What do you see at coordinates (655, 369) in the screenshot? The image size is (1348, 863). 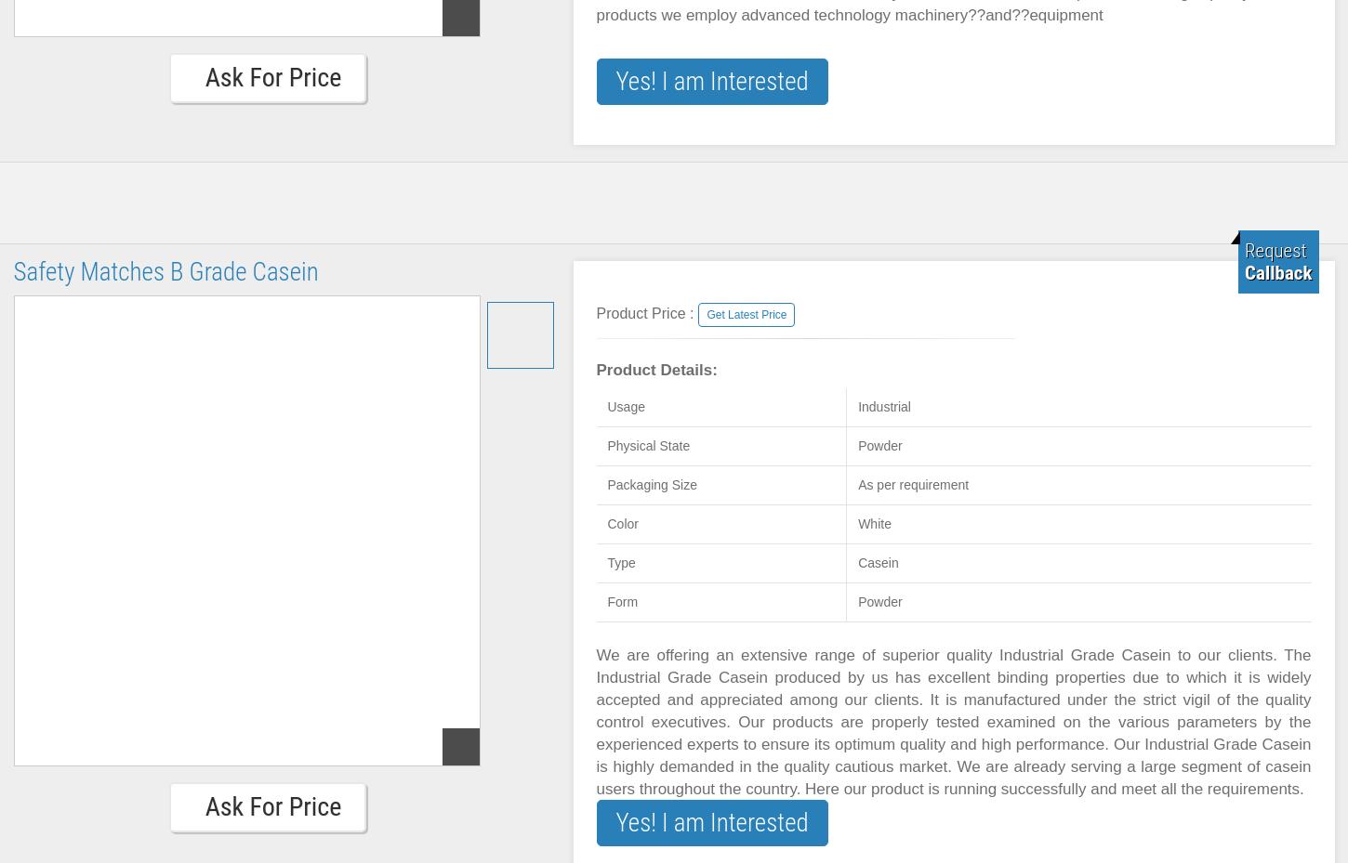 I see `'Product Details:'` at bounding box center [655, 369].